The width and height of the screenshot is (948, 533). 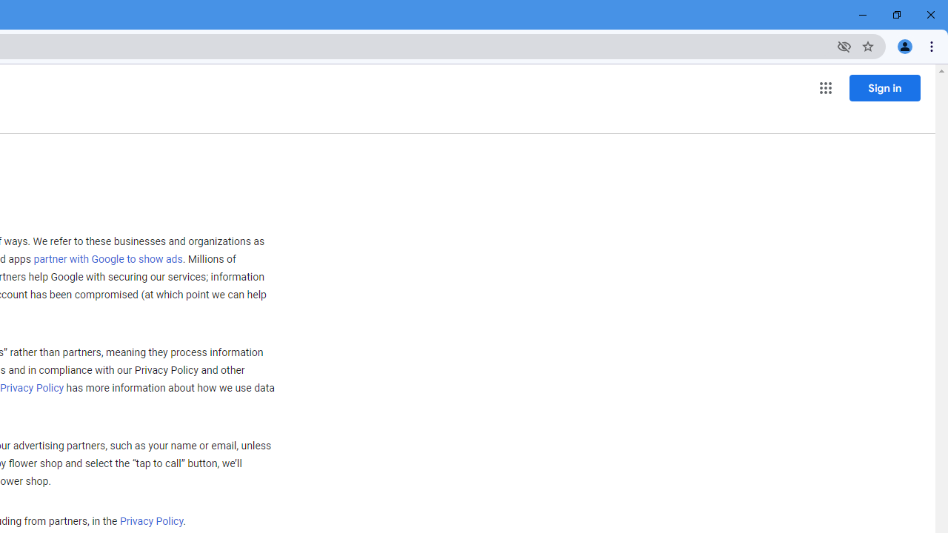 What do you see at coordinates (107, 259) in the screenshot?
I see `'partner with Google to show ads'` at bounding box center [107, 259].